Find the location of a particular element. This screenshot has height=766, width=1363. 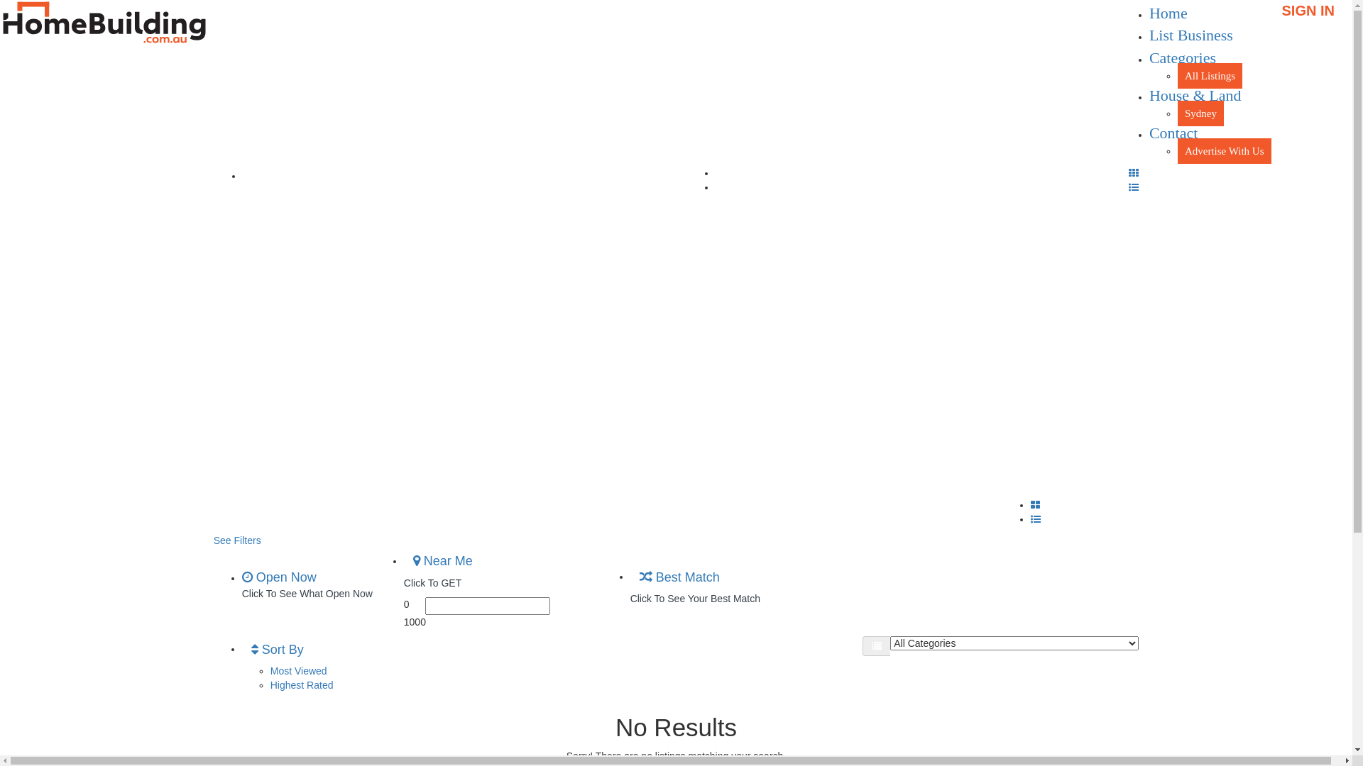

'Sydney' is located at coordinates (1178, 112).